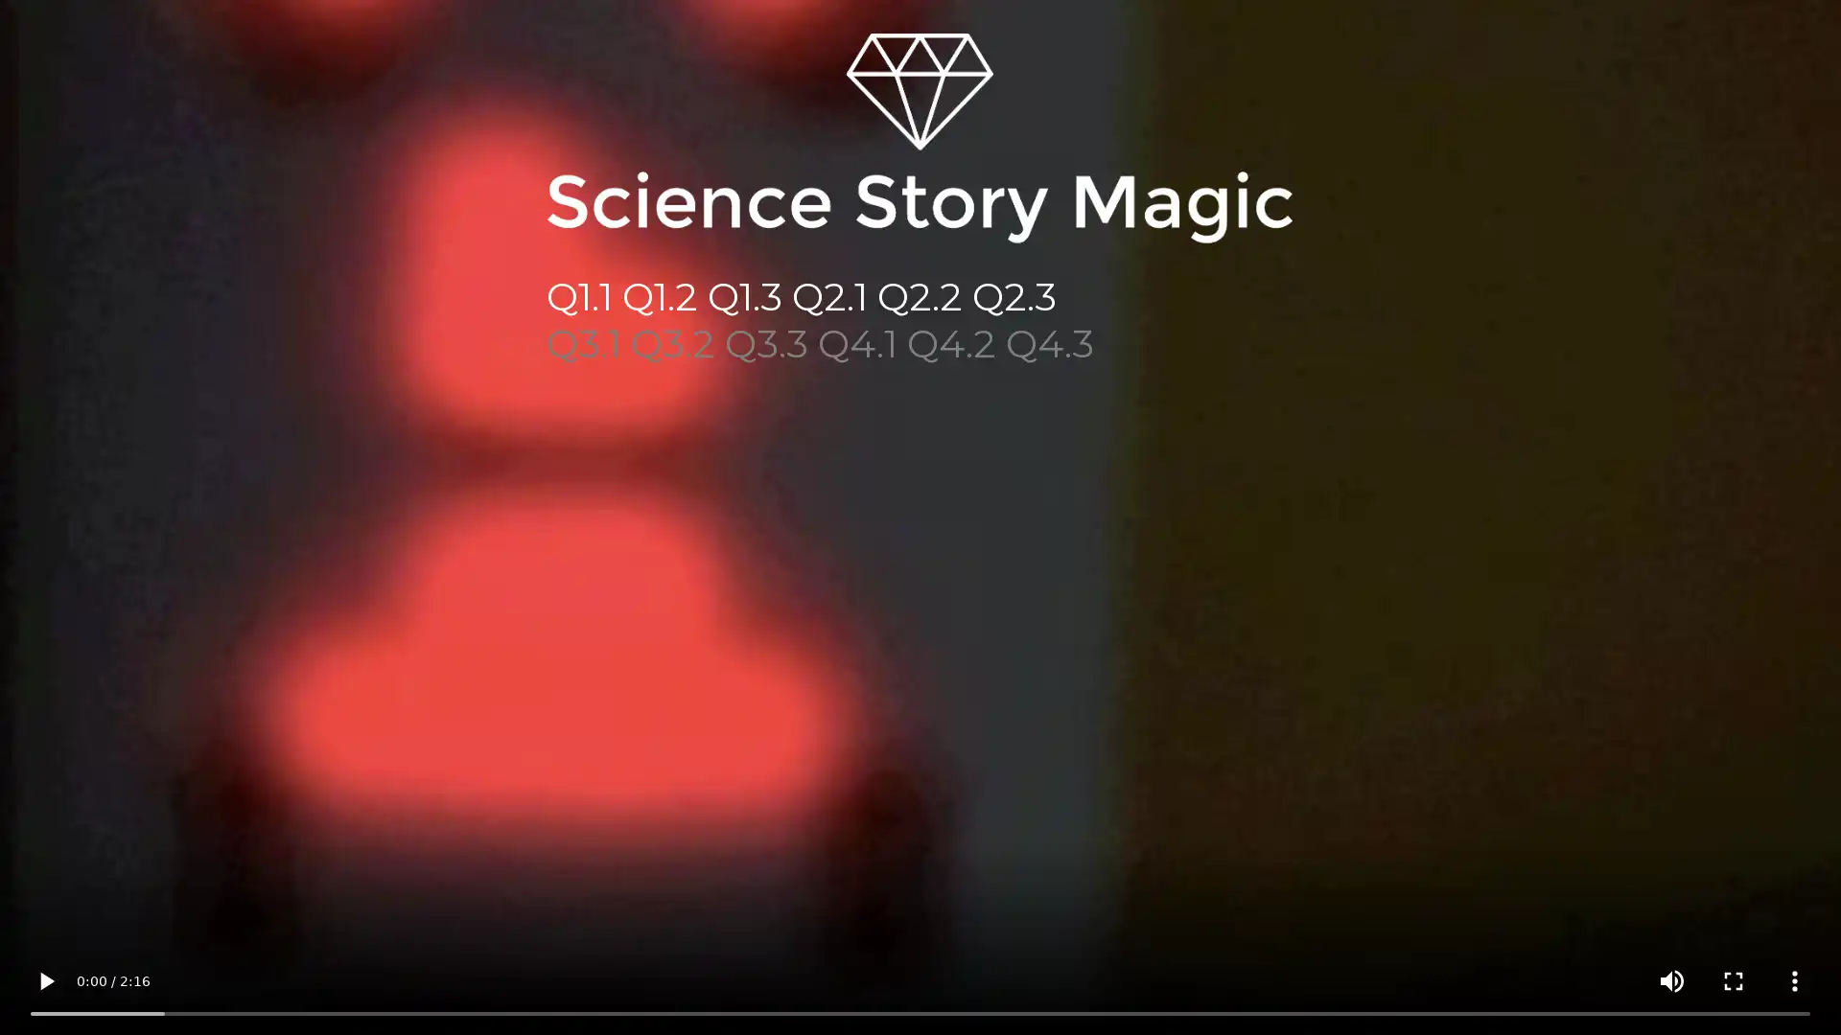  What do you see at coordinates (46, 980) in the screenshot?
I see `play` at bounding box center [46, 980].